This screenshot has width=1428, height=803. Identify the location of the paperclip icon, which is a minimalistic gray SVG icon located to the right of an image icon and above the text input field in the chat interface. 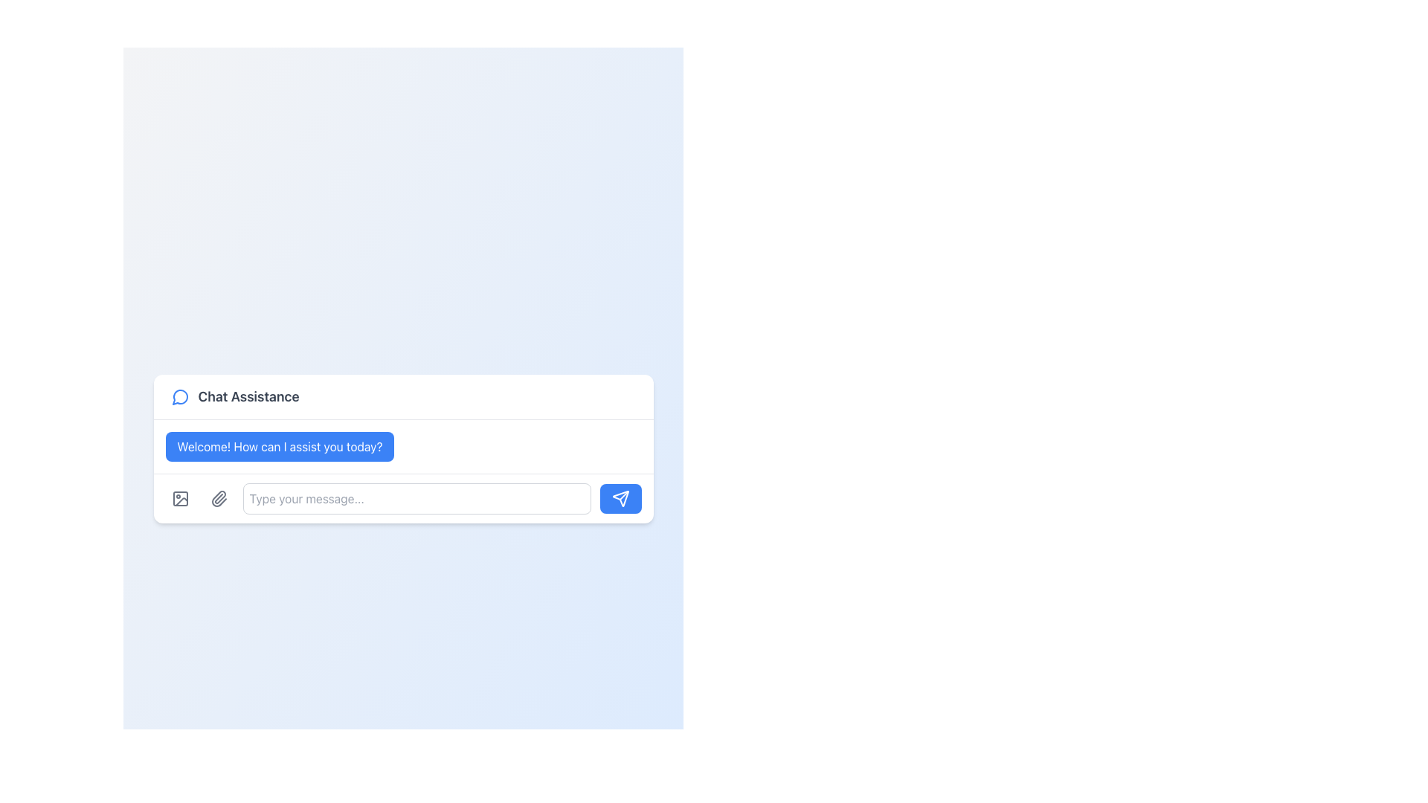
(218, 499).